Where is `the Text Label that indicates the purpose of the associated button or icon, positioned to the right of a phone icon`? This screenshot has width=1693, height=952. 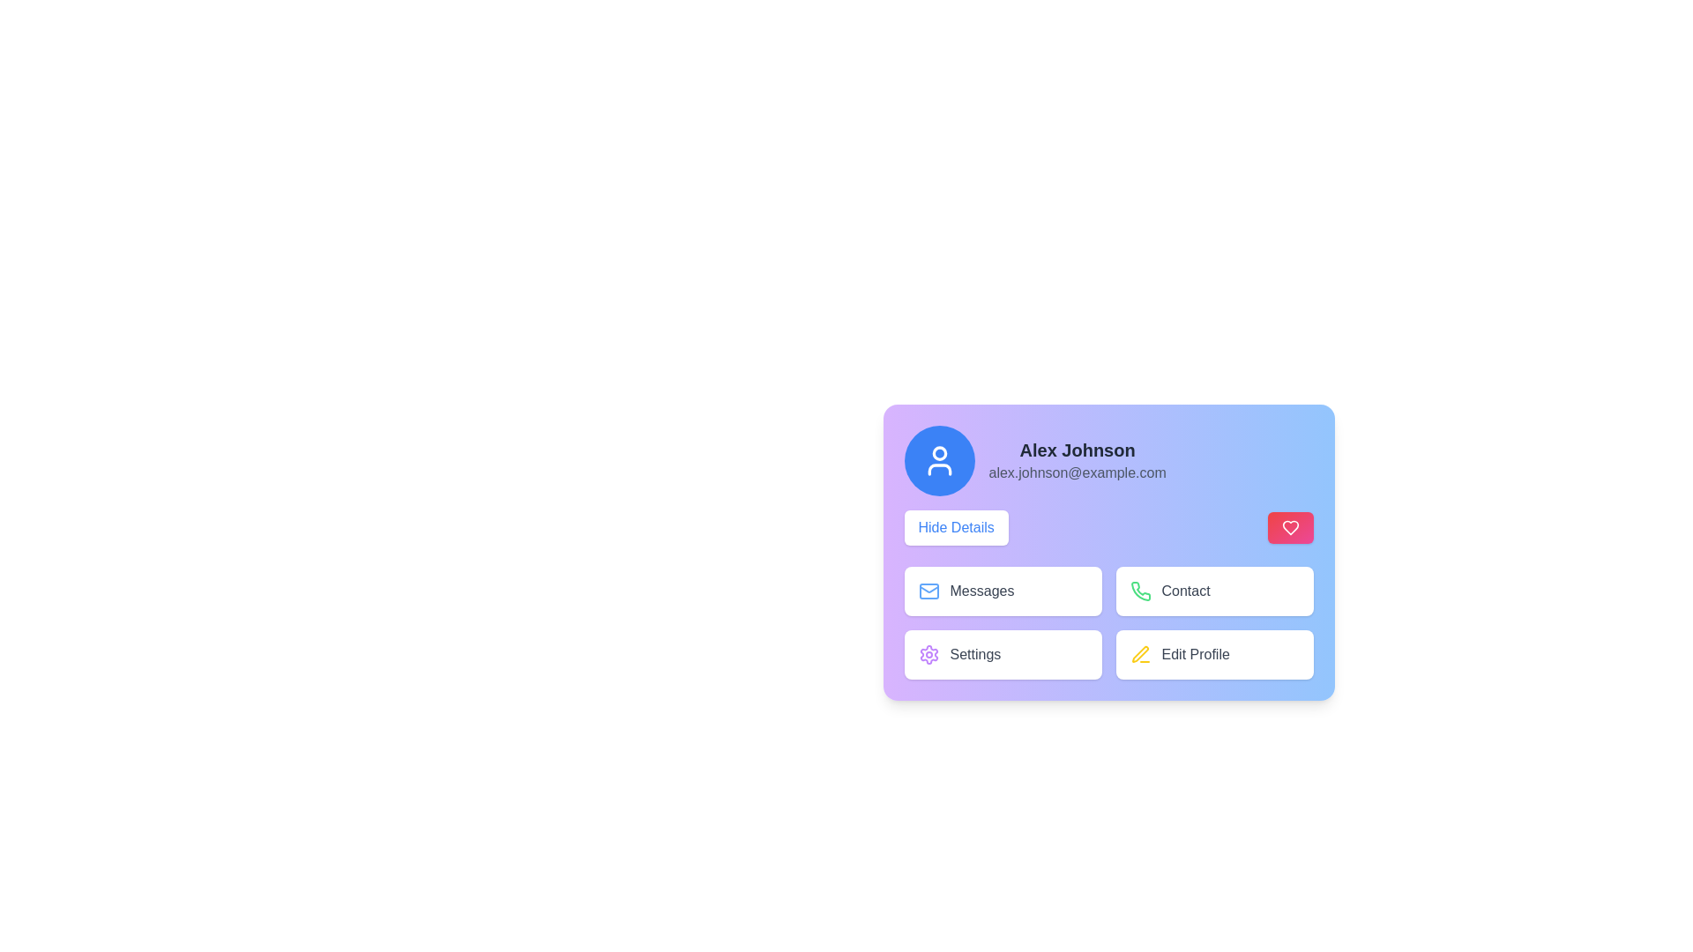 the Text Label that indicates the purpose of the associated button or icon, positioned to the right of a phone icon is located at coordinates (1186, 591).